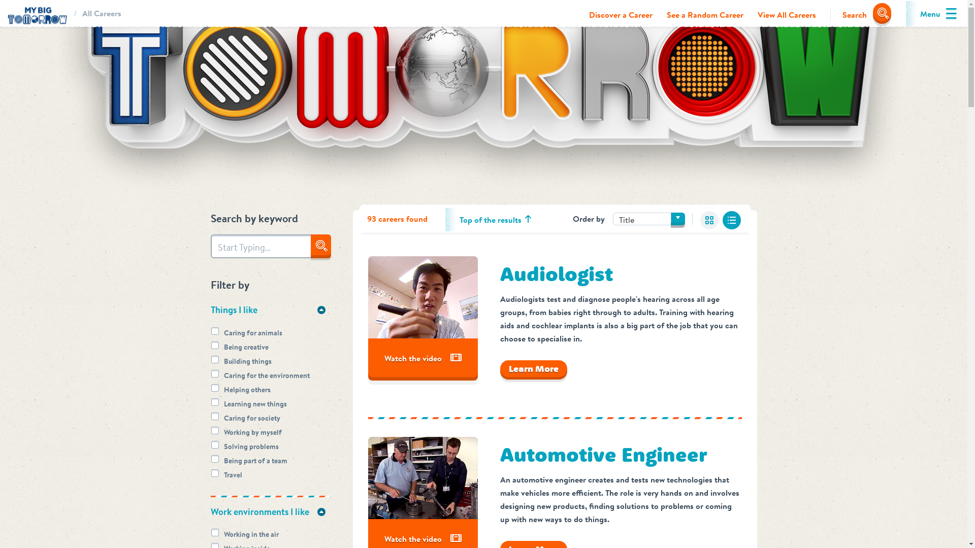  I want to click on 'View All Careers', so click(786, 15).